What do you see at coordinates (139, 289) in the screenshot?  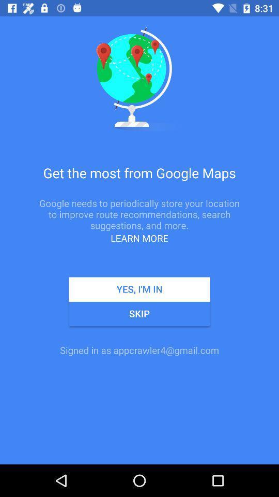 I see `the item below the learn more app` at bounding box center [139, 289].